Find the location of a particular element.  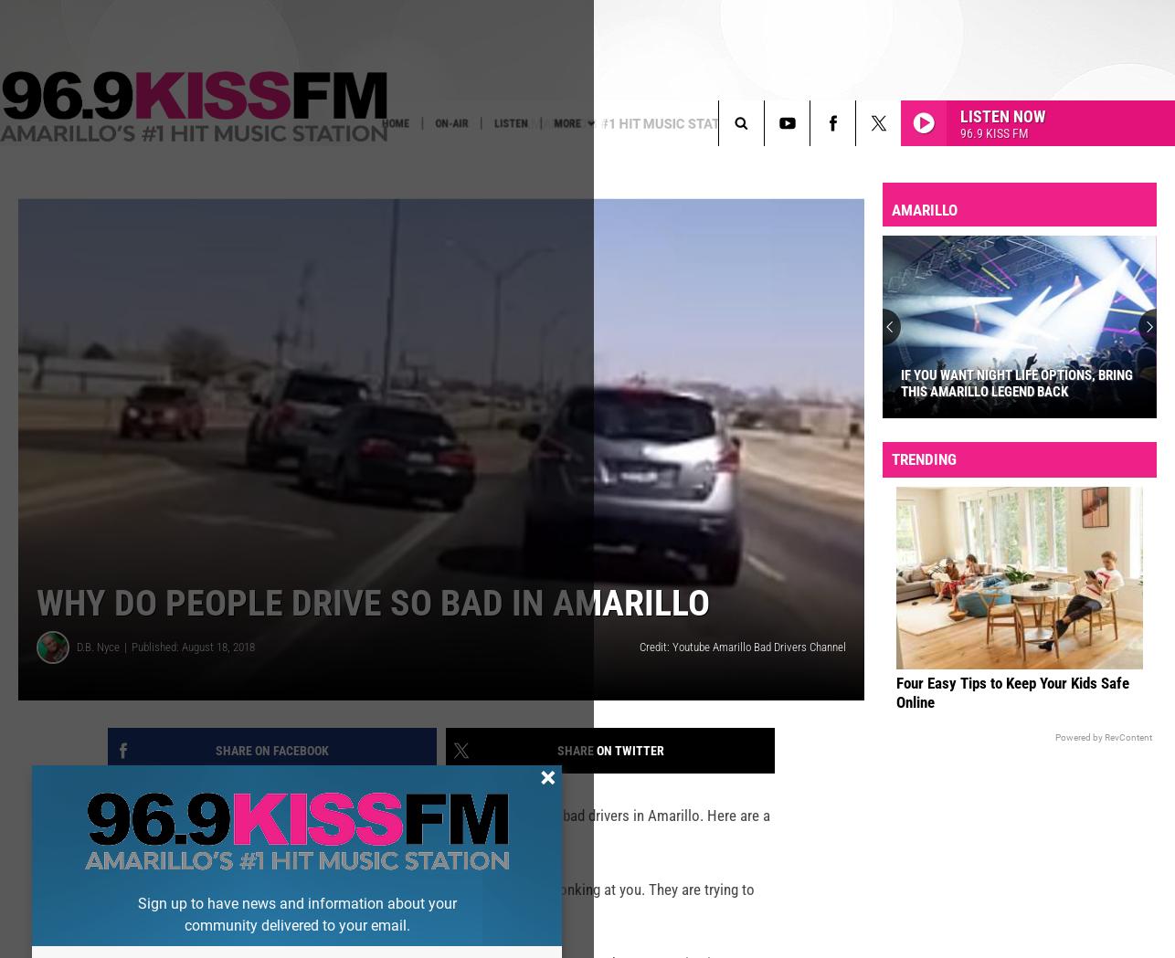

'Credit: Youtube Amarillo Bad Drivers Channel' is located at coordinates (743, 675).